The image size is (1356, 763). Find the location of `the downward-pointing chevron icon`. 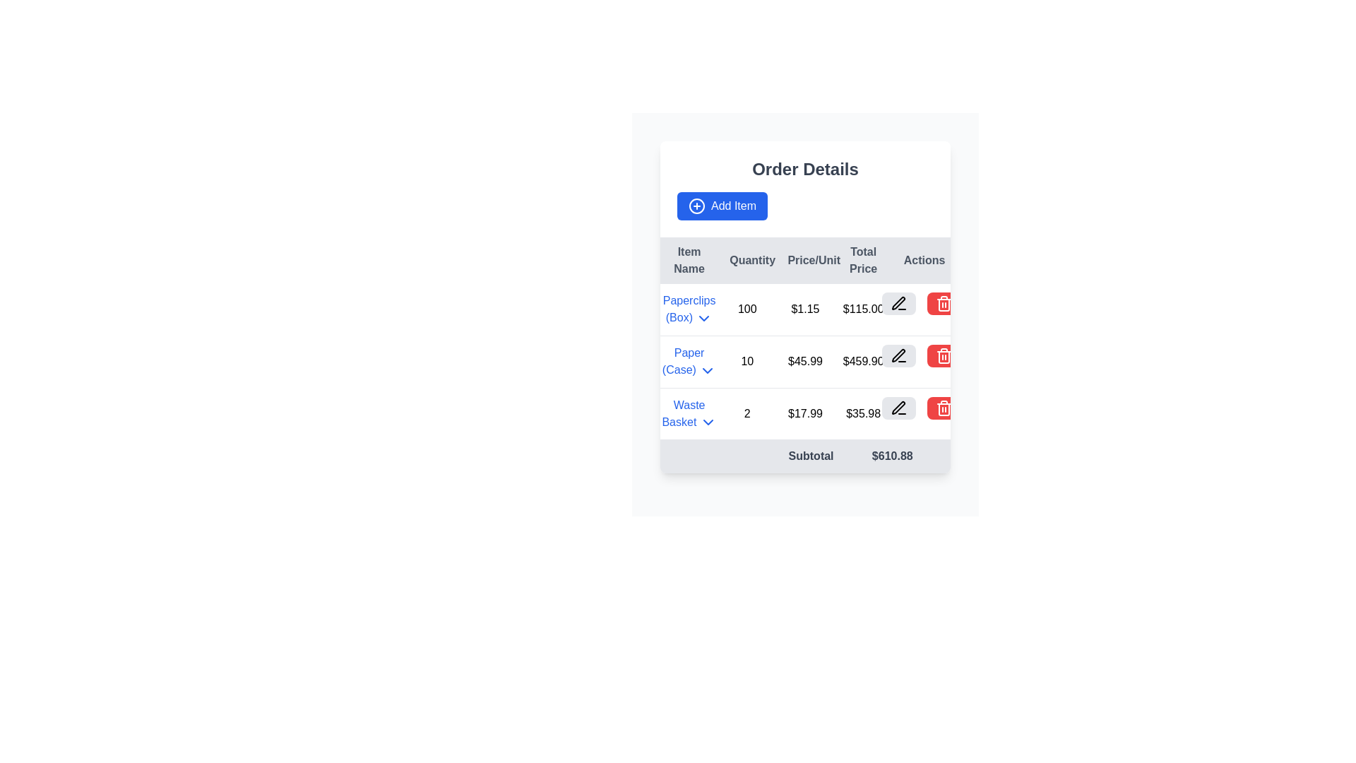

the downward-pointing chevron icon is located at coordinates (708, 369).